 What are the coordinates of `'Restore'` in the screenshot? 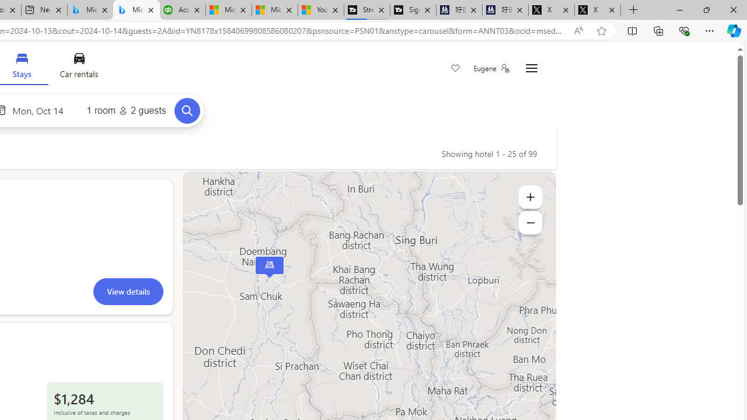 It's located at (706, 9).